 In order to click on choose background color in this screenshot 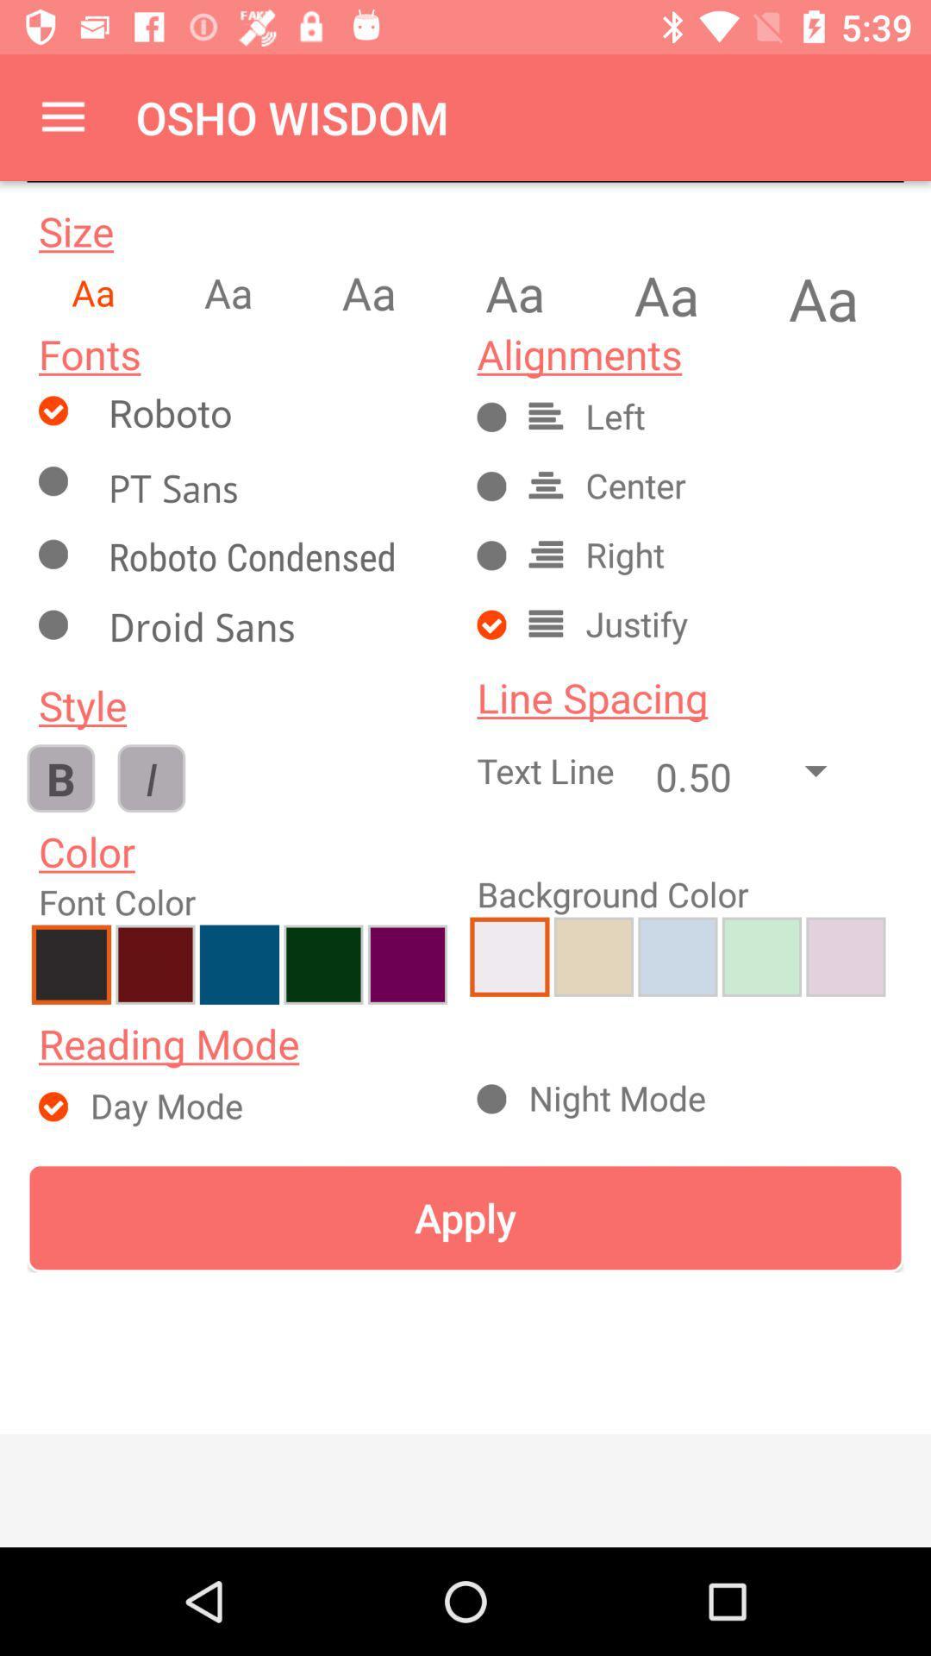, I will do `click(509, 956)`.